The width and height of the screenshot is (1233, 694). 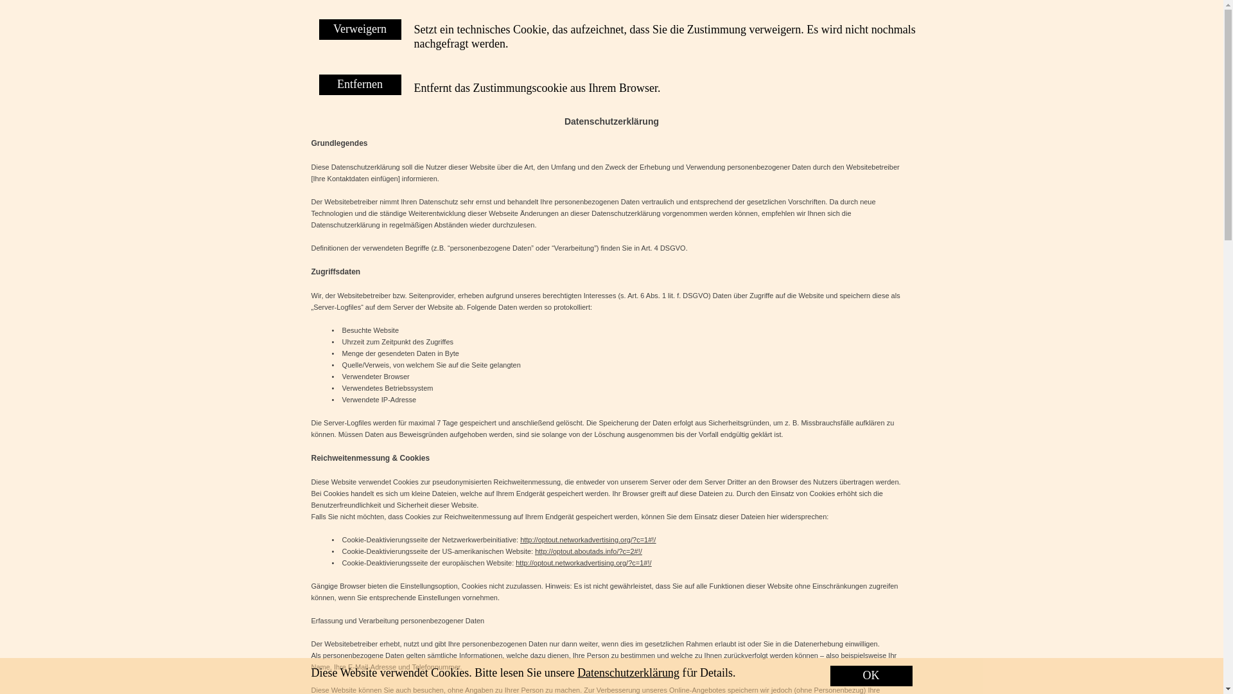 What do you see at coordinates (582, 562) in the screenshot?
I see `'http://optout.networkadvertising.org/?c=1#!/'` at bounding box center [582, 562].